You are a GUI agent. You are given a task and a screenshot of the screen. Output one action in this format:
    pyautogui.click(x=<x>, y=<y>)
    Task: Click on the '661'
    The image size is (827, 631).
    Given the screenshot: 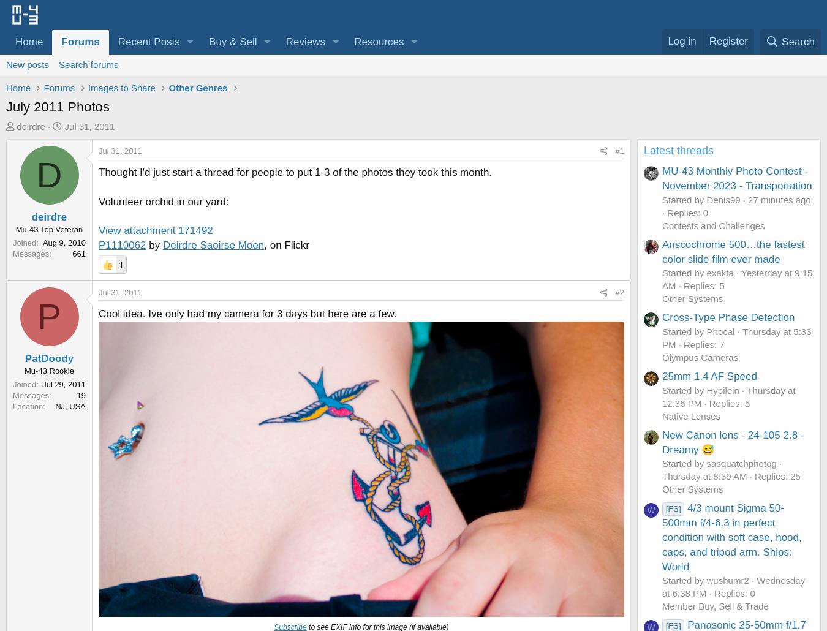 What is the action you would take?
    pyautogui.click(x=79, y=253)
    